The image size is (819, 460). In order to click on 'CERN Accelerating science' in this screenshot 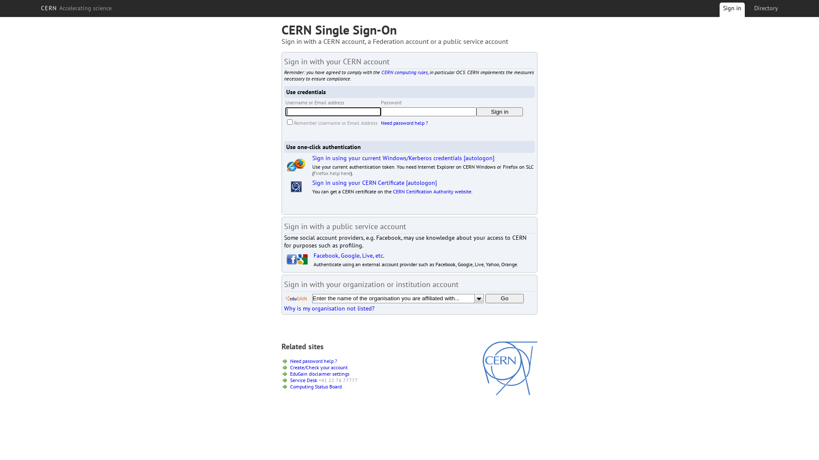, I will do `click(76, 8)`.